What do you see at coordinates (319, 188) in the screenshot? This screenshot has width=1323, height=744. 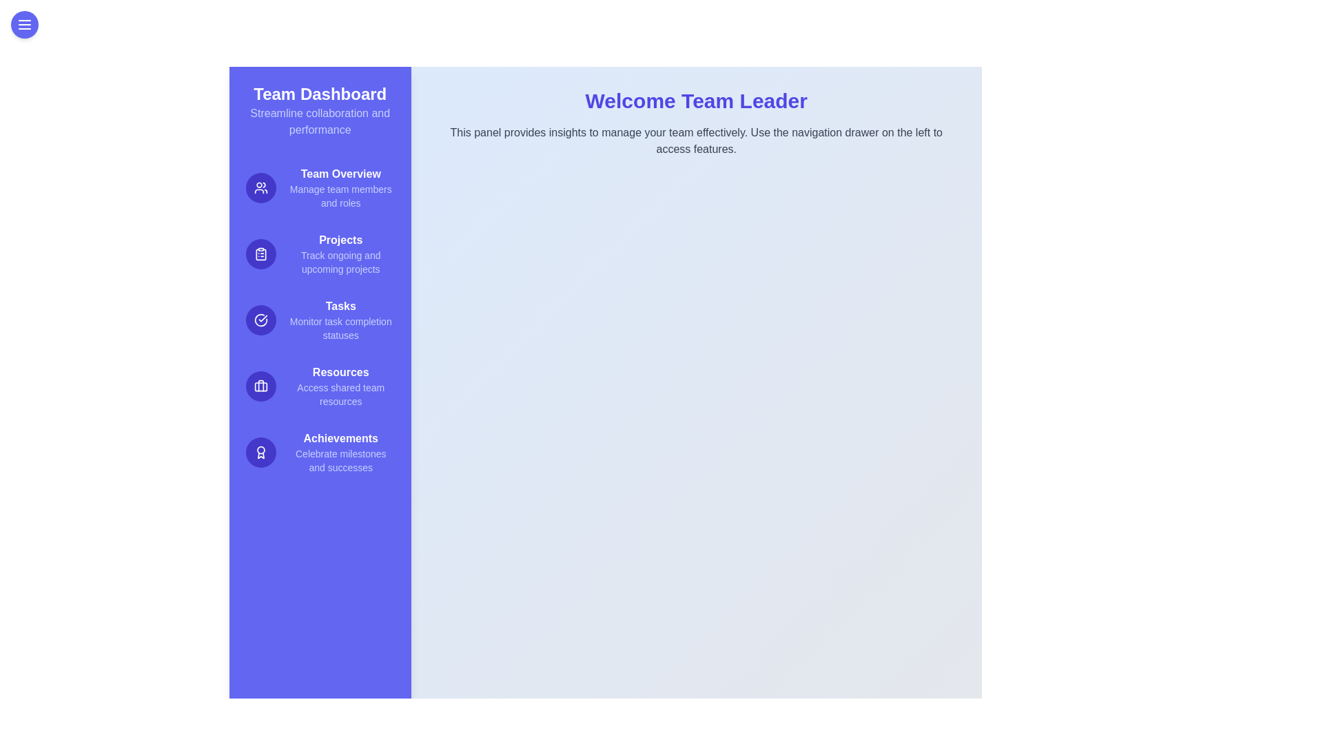 I see `the menu item Team Overview to see its hover effect` at bounding box center [319, 188].